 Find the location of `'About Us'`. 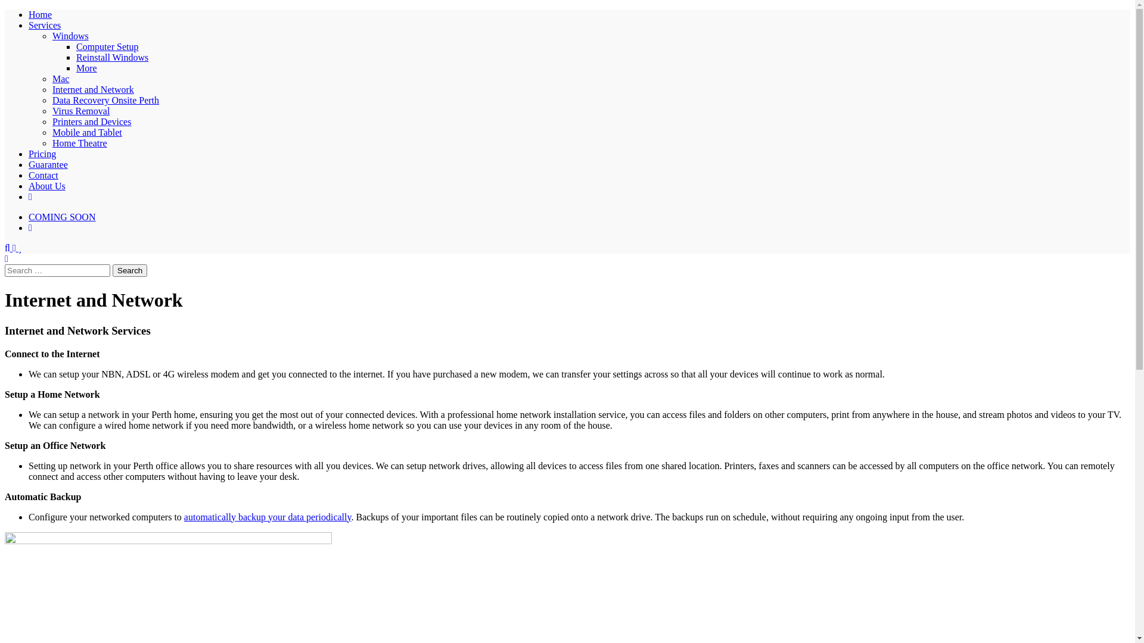

'About Us' is located at coordinates (29, 186).